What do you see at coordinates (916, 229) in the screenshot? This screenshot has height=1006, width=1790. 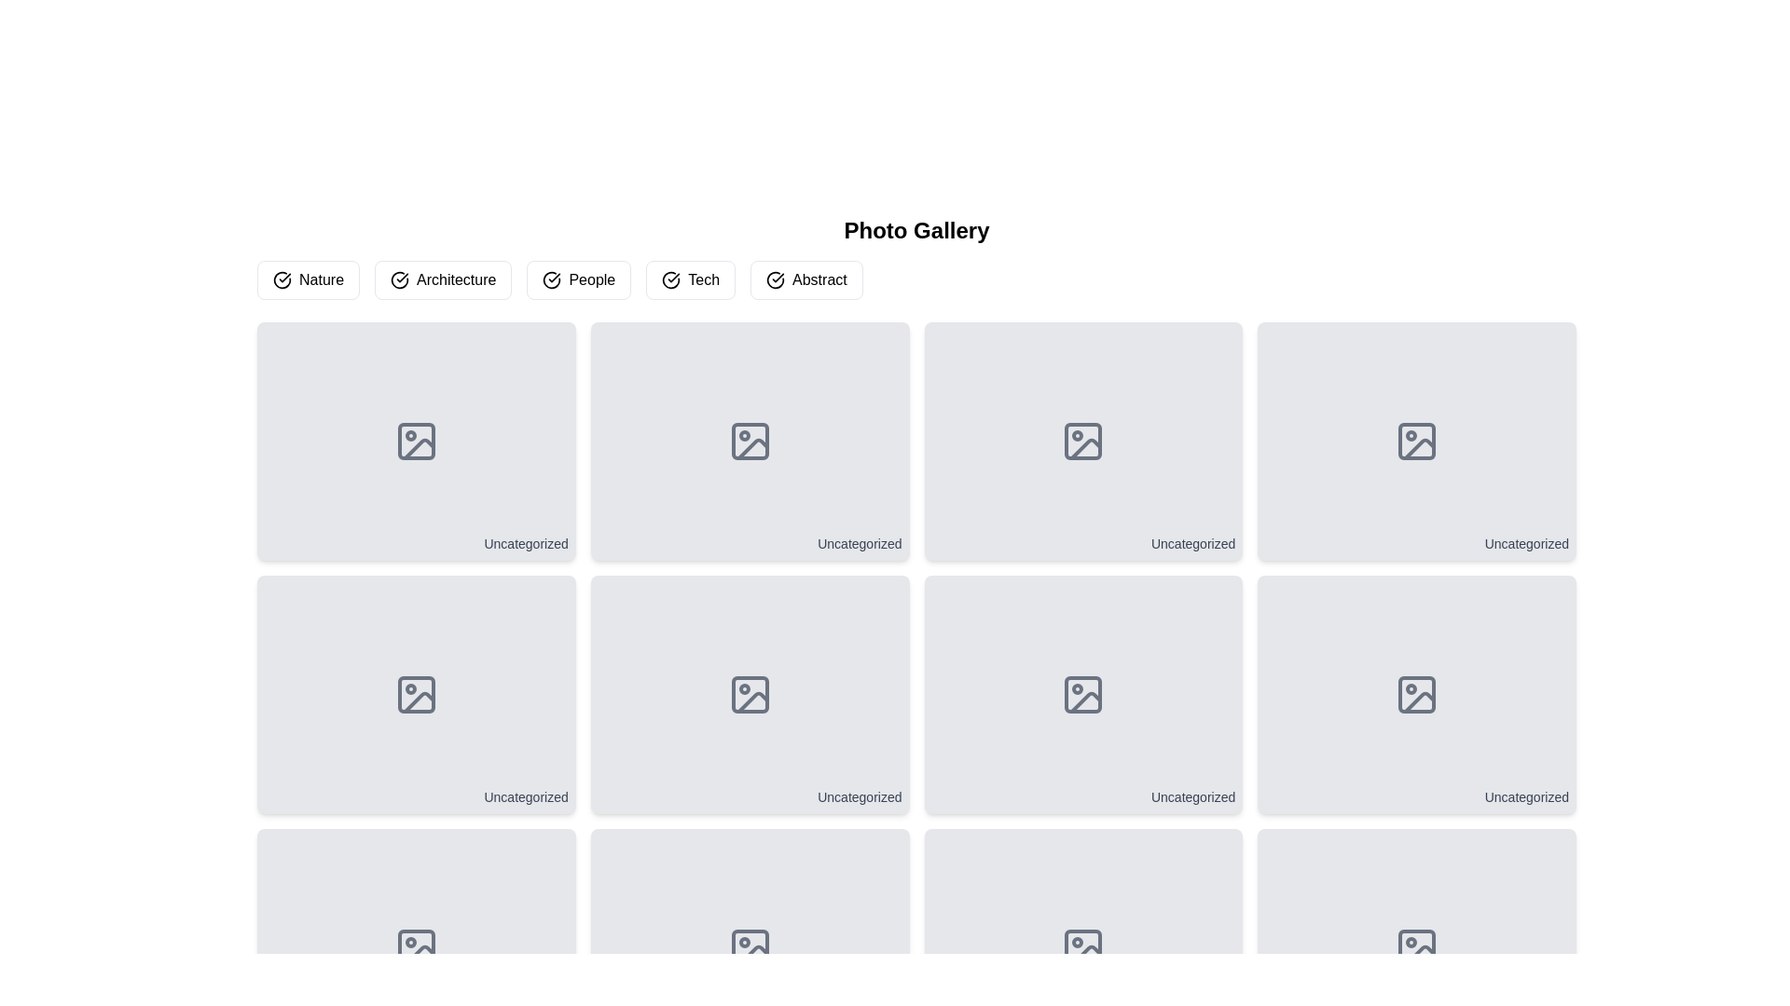 I see `the 'Photo Gallery' text header element, which is a bold title displayed at the top of the photo gallery layout` at bounding box center [916, 229].